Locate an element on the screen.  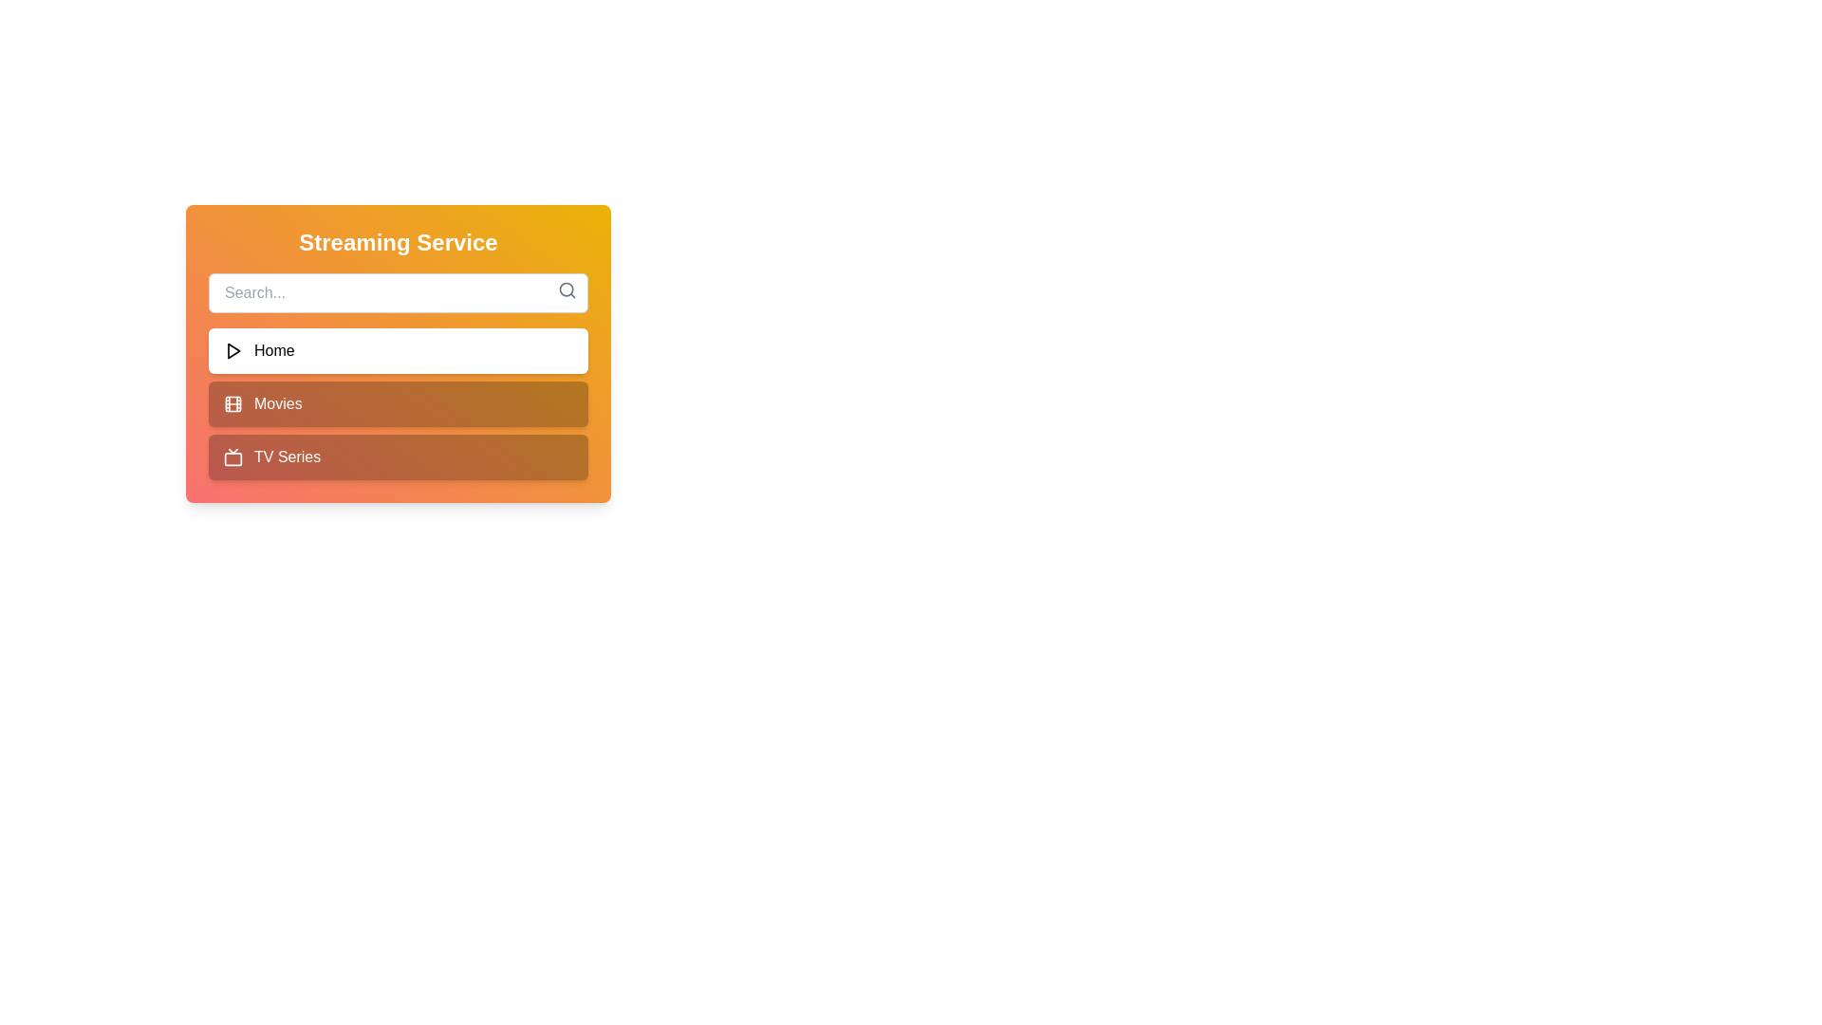
the 'Home' navigation button, which is the first item in a vertical list of navigation buttons is located at coordinates (398, 351).